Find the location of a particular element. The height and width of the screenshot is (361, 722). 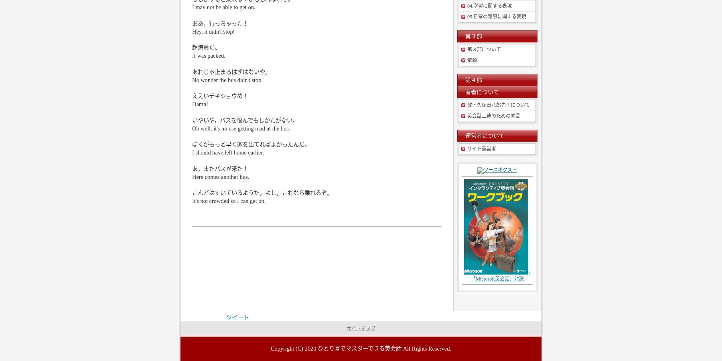

'I should have left home earlier.' is located at coordinates (228, 152).